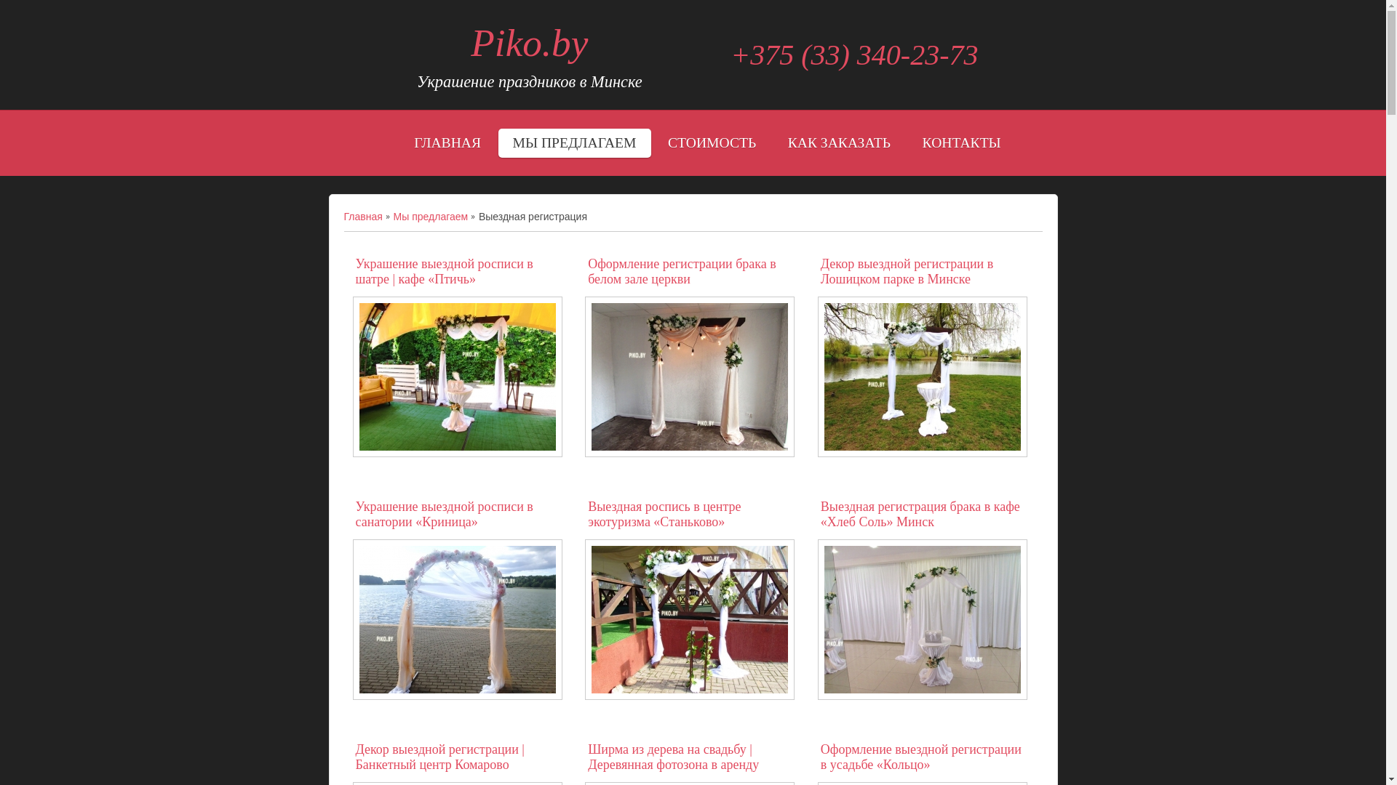 The width and height of the screenshot is (1397, 785). Describe the element at coordinates (529, 43) in the screenshot. I see `'Piko.by'` at that location.